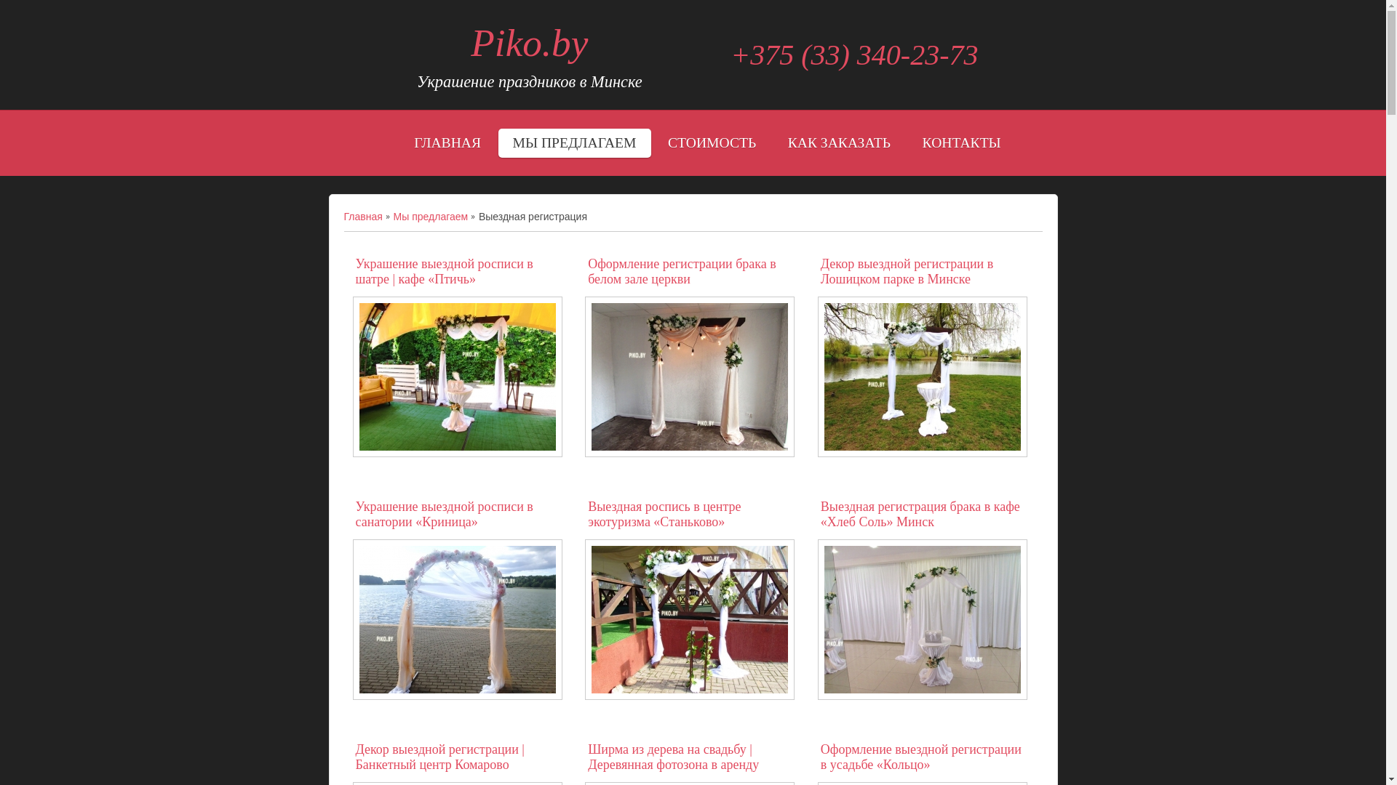 The width and height of the screenshot is (1397, 785). Describe the element at coordinates (529, 43) in the screenshot. I see `'Piko.by'` at that location.